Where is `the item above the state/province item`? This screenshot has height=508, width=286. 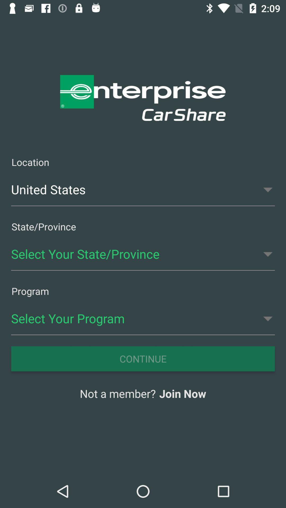
the item above the state/province item is located at coordinates (143, 189).